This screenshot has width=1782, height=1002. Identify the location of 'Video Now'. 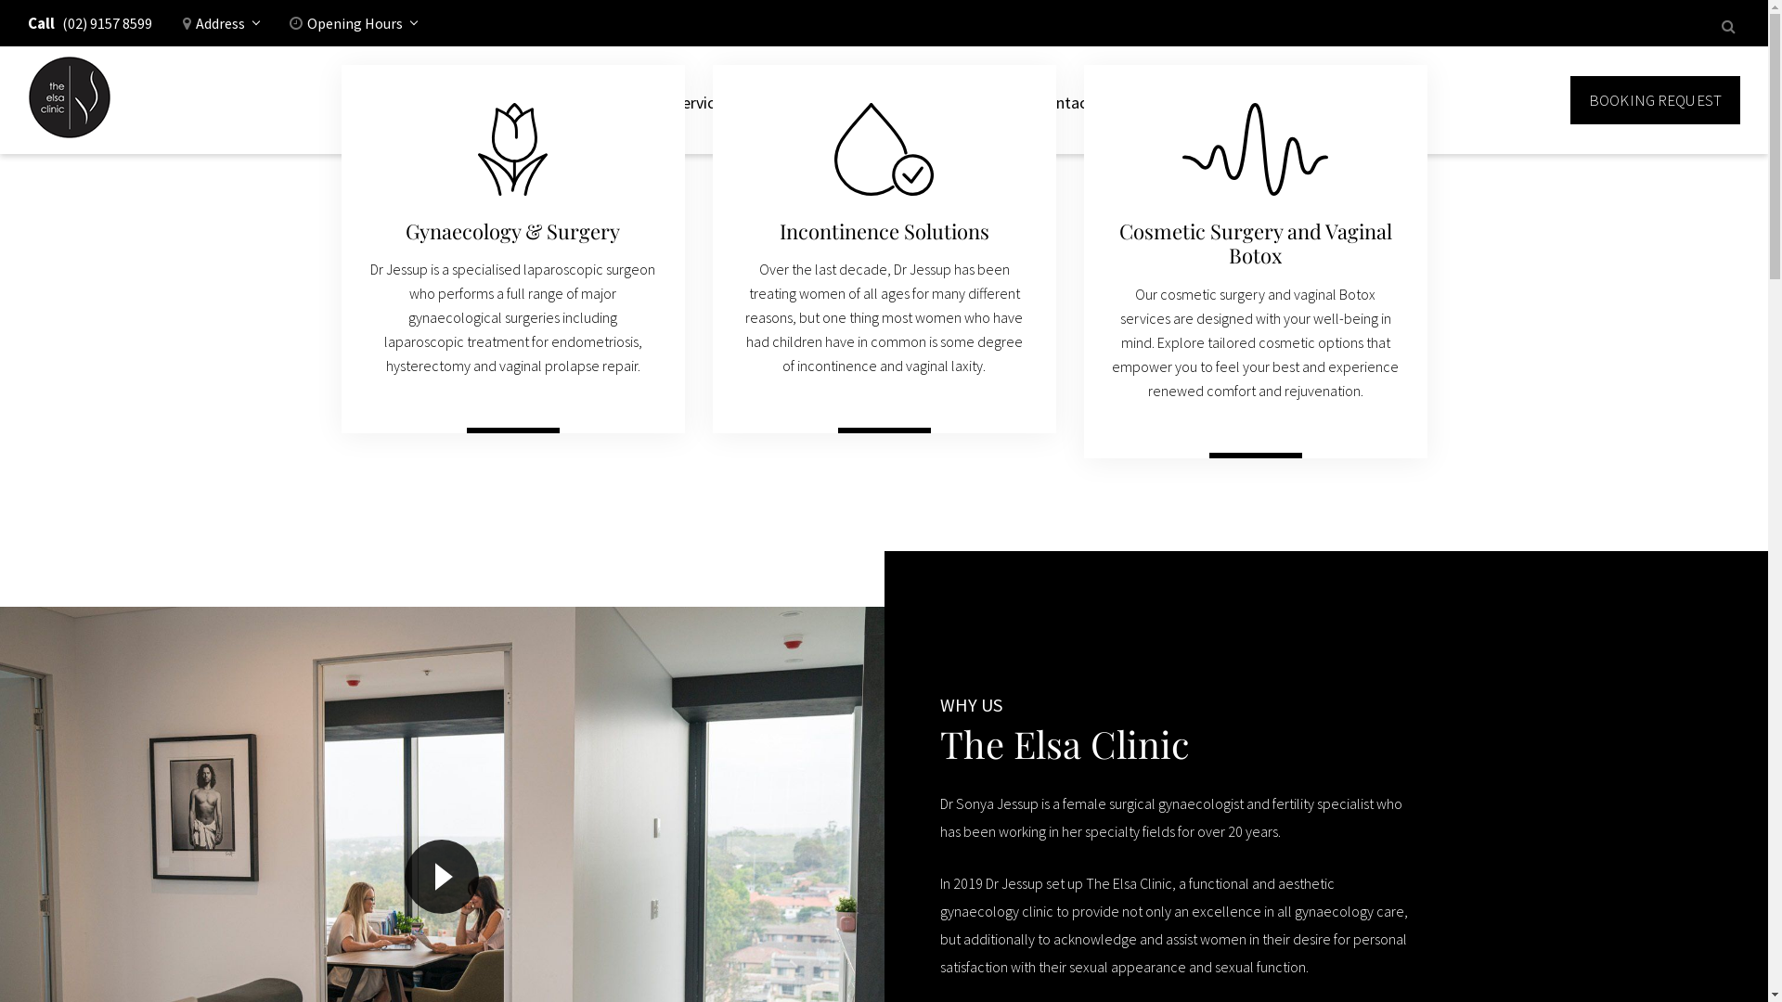
(440, 877).